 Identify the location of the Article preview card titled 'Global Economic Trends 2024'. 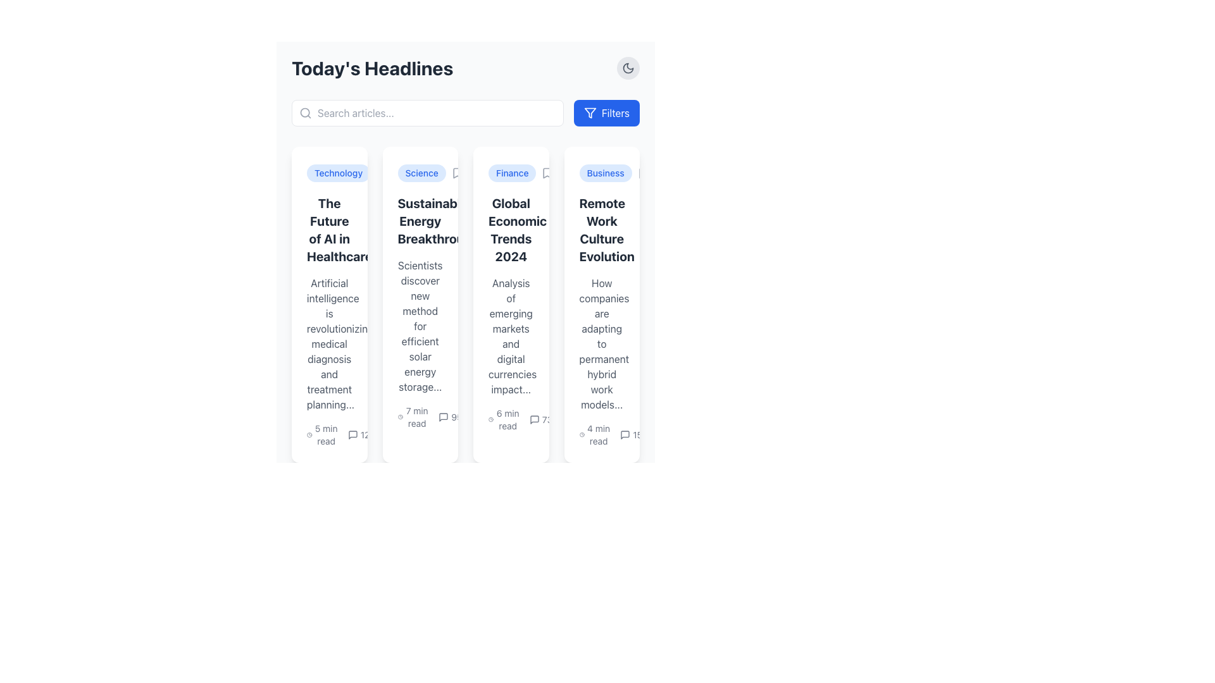
(464, 305).